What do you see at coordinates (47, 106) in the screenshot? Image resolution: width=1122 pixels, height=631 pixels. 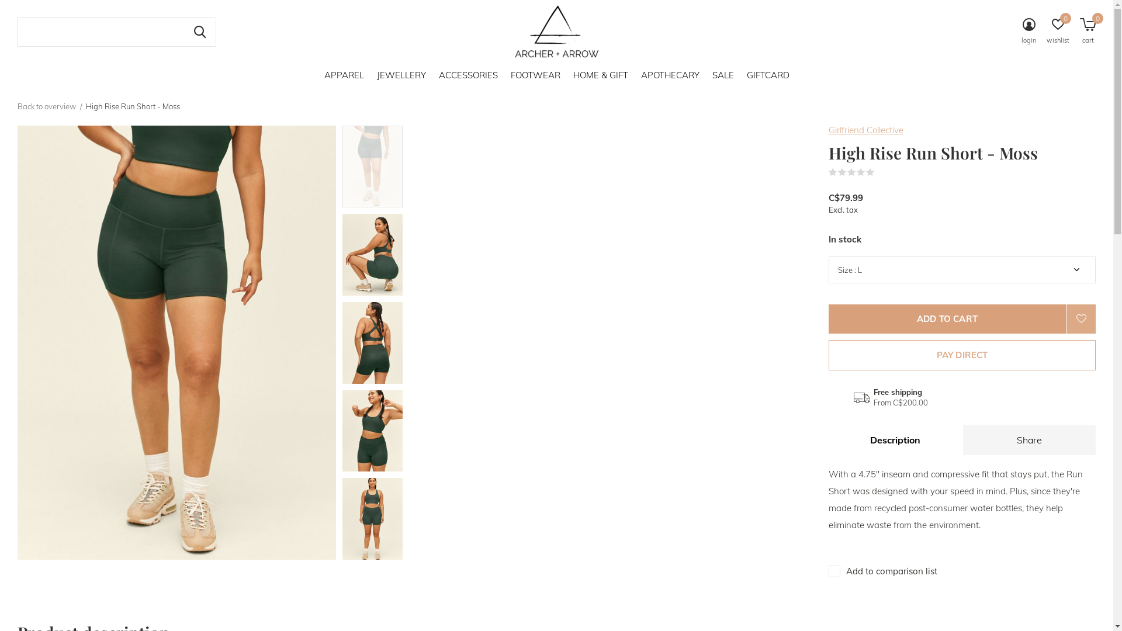 I see `'Back to overview'` at bounding box center [47, 106].